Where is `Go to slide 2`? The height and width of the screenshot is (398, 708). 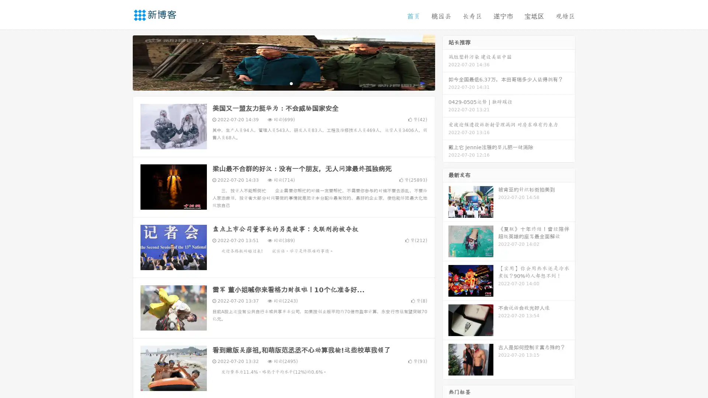
Go to slide 2 is located at coordinates (283, 83).